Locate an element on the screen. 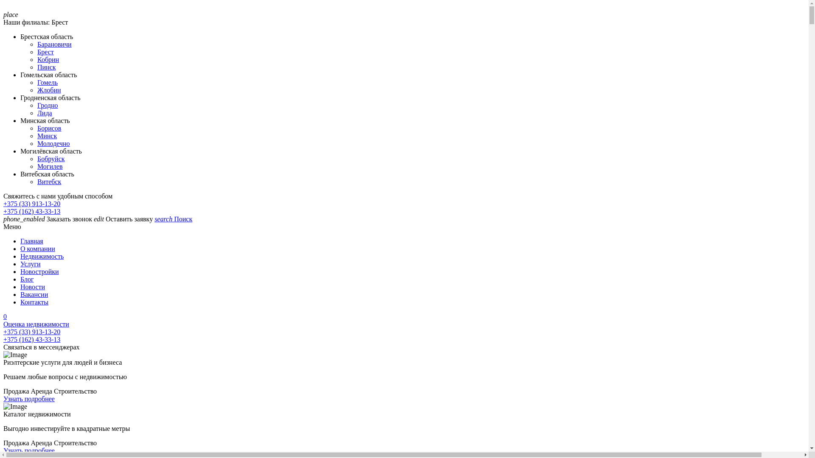 The image size is (815, 458). '+375 (162) 43-33-13' is located at coordinates (32, 339).